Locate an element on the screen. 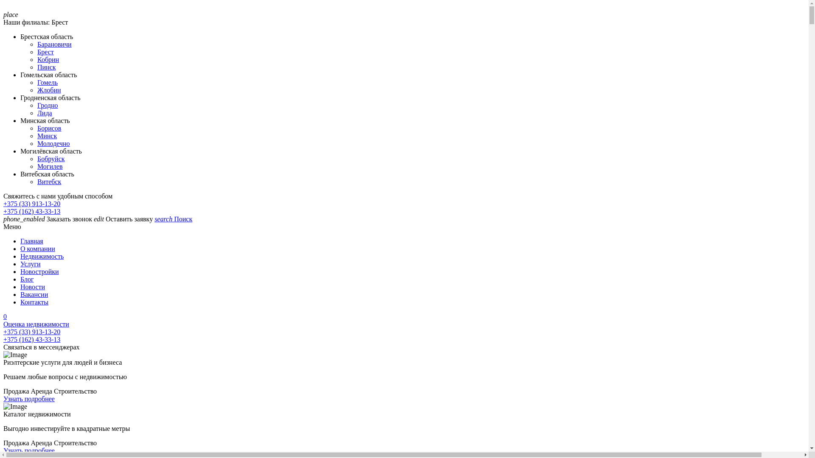 The image size is (815, 458). '+375 (162) 43-33-13' is located at coordinates (32, 339).